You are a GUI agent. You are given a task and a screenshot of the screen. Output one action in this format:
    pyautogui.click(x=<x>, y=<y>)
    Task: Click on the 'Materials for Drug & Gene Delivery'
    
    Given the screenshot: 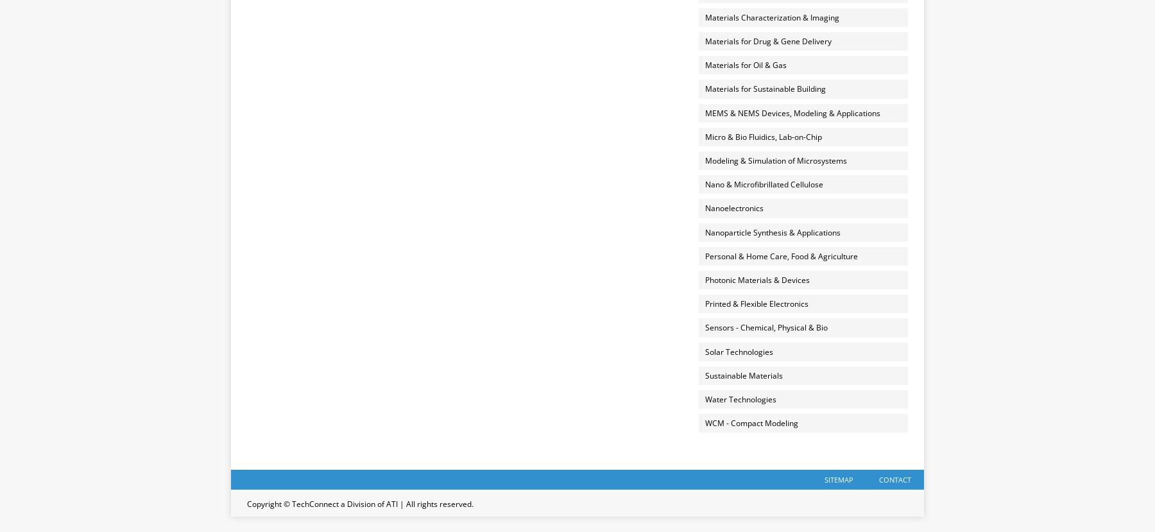 What is the action you would take?
    pyautogui.click(x=705, y=40)
    